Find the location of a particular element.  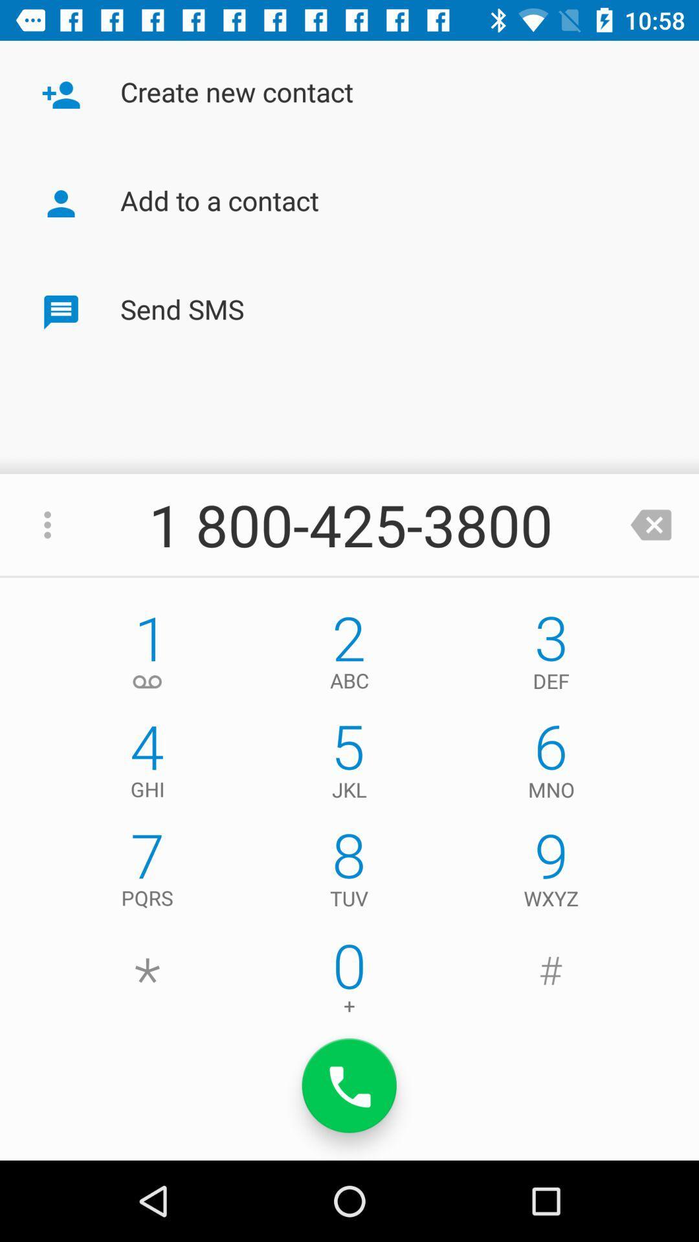

5 is located at coordinates (349, 764).